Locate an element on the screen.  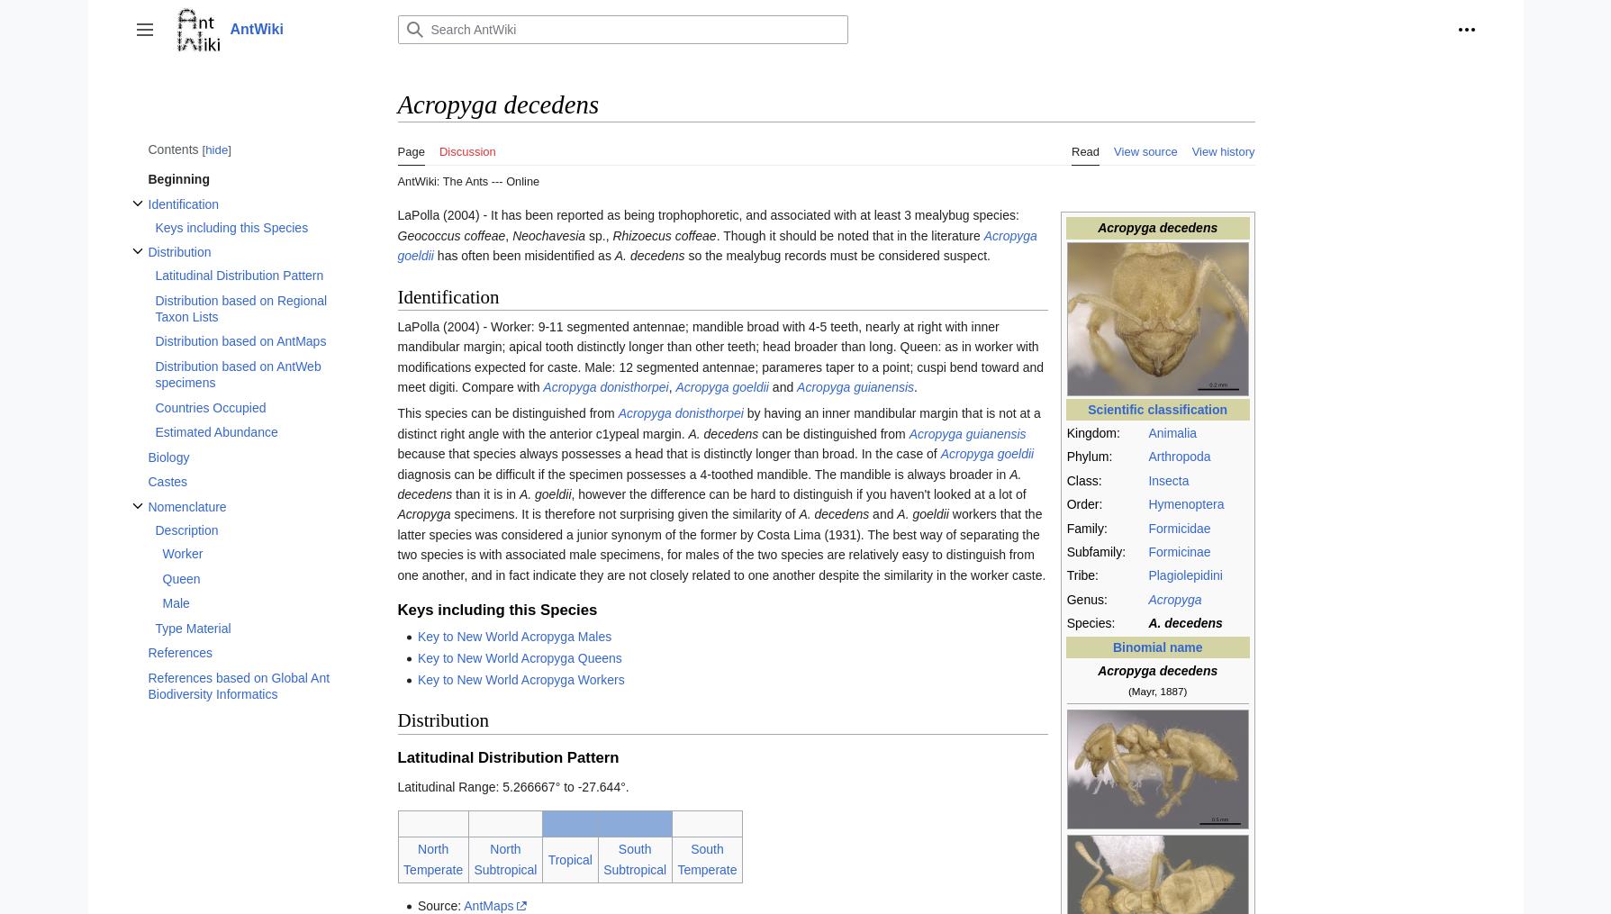
'Queen' is located at coordinates (181, 576).